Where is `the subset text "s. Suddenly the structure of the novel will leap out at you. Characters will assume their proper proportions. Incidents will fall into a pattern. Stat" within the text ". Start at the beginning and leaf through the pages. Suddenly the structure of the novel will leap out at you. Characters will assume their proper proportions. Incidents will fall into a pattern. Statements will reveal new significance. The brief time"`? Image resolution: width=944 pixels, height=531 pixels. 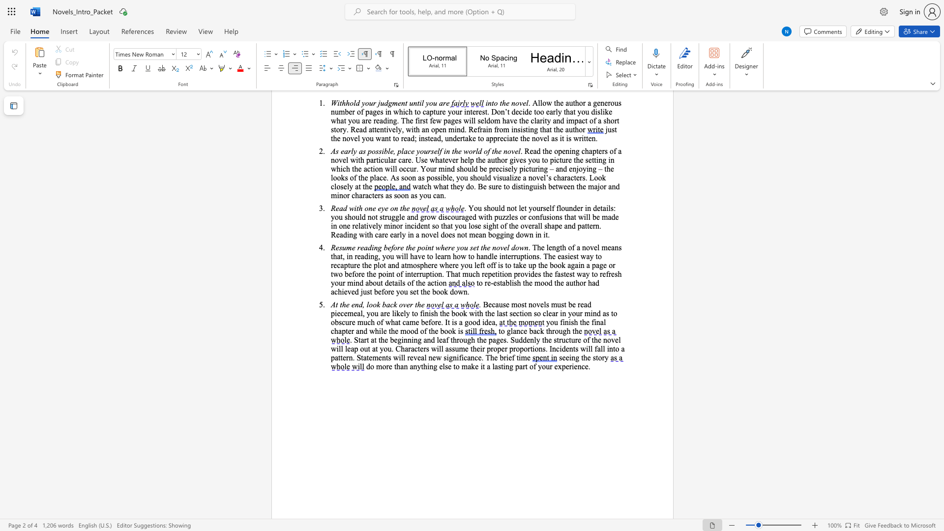
the subset text "s. Suddenly the structure of the novel will leap out at you. Characters will assume their proper proportions. Incidents will fall into a pattern. Stat" within the text ". Start at the beginning and leaf through the pages. Suddenly the structure of the novel will leap out at you. Characters will assume their proper proportions. Incidents will fall into a pattern. Statements will reveal new significance. The brief time" is located at coordinates (503, 339).